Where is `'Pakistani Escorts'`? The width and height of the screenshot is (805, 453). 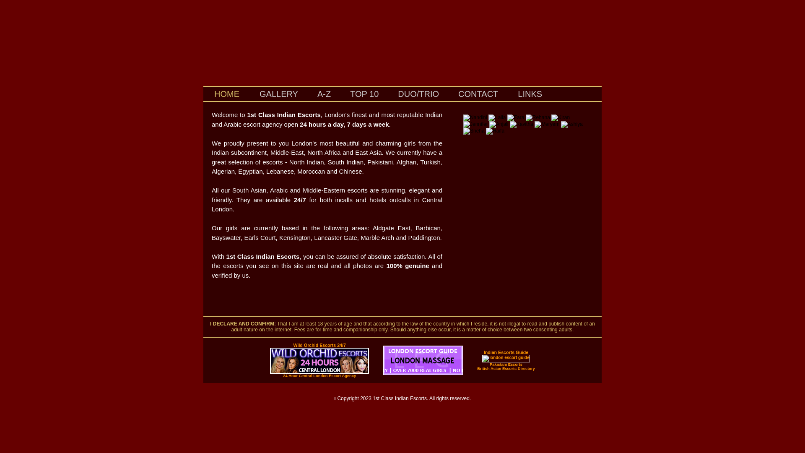 'Pakistani Escorts' is located at coordinates (489, 364).